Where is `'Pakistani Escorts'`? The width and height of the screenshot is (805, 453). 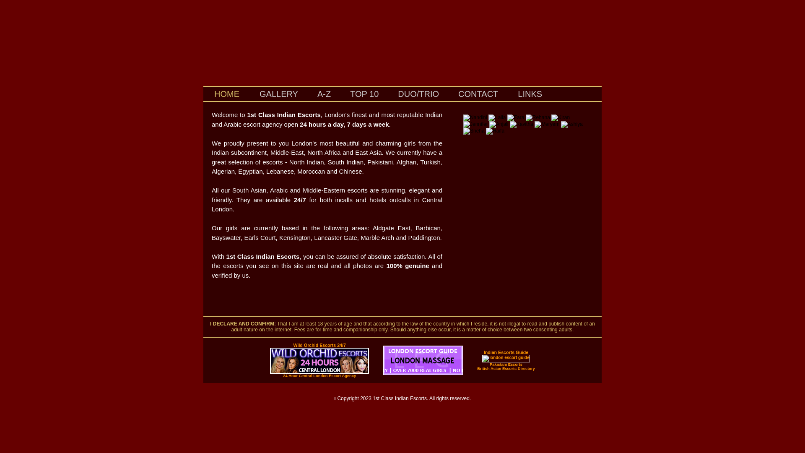 'Pakistani Escorts' is located at coordinates (489, 364).